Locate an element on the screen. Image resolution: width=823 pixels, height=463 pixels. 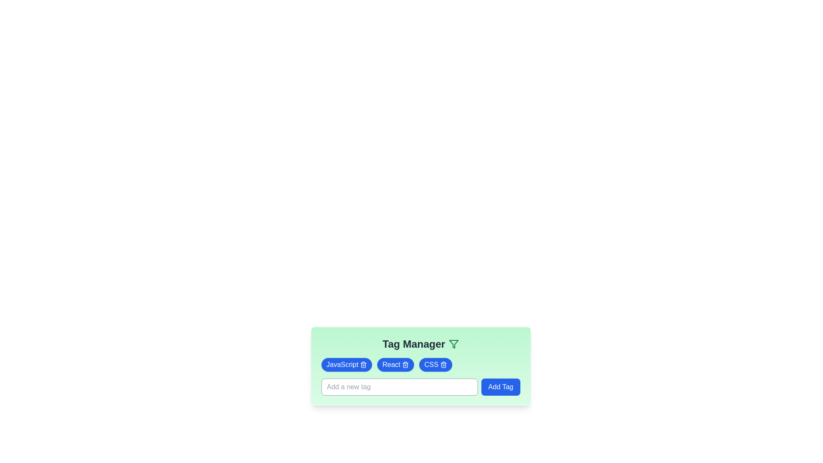
the trash icon within the tag badges displayed in the horizontal layout of the 'Tag Manager' panel is located at coordinates (421, 365).